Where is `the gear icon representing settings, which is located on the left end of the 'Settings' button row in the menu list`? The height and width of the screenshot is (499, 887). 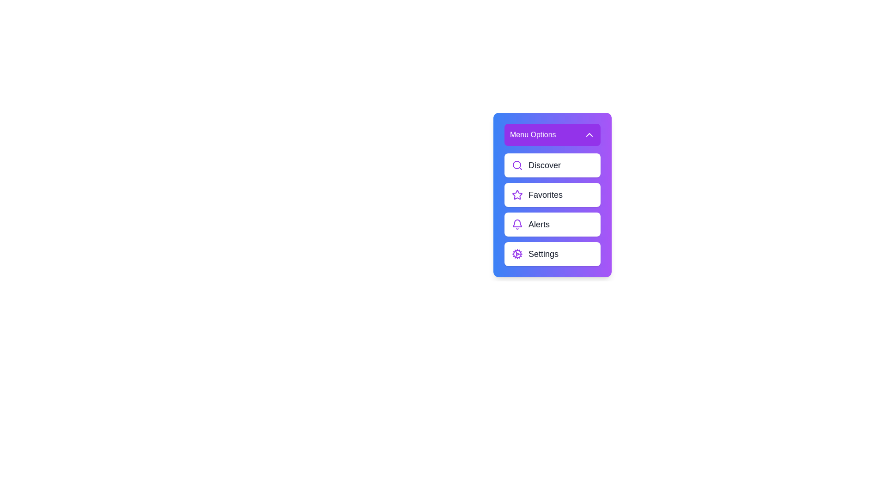
the gear icon representing settings, which is located on the left end of the 'Settings' button row in the menu list is located at coordinates (516, 254).